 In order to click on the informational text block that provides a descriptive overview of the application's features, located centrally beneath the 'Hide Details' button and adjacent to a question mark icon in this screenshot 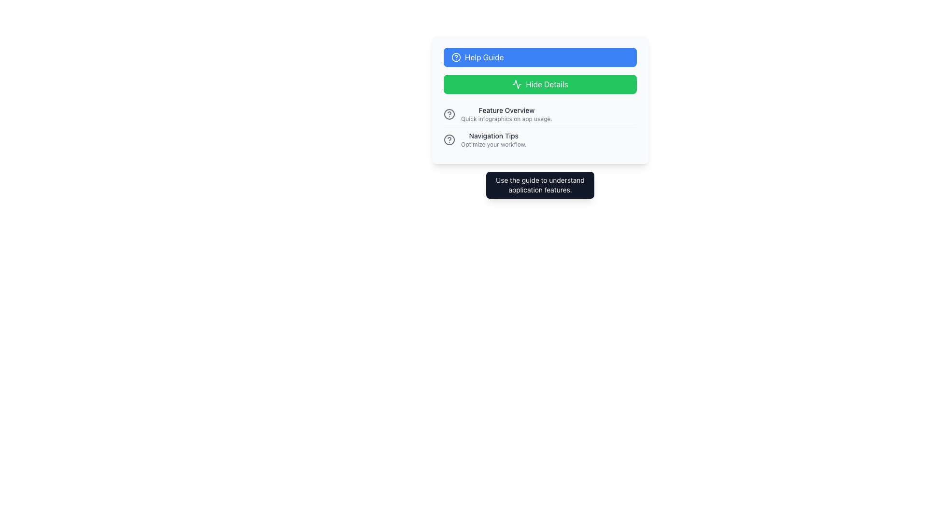, I will do `click(506, 113)`.